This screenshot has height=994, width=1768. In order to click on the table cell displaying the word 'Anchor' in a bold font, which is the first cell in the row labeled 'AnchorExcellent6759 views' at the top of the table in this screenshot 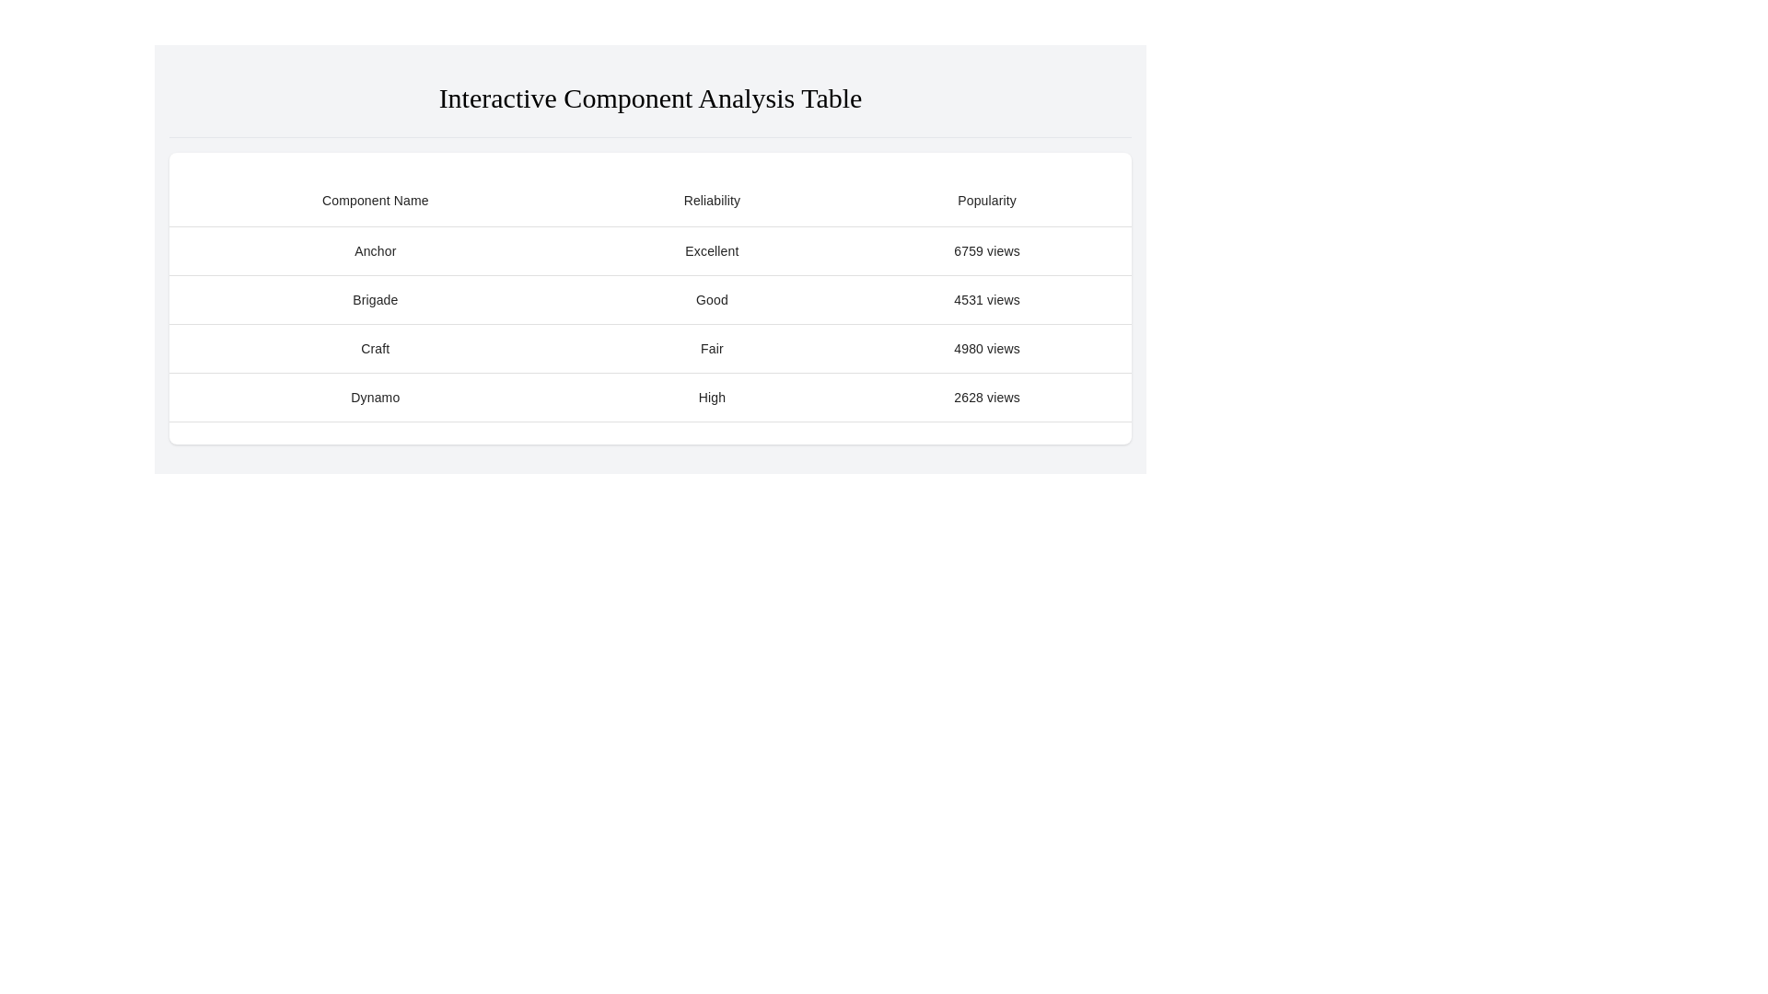, I will do `click(374, 251)`.